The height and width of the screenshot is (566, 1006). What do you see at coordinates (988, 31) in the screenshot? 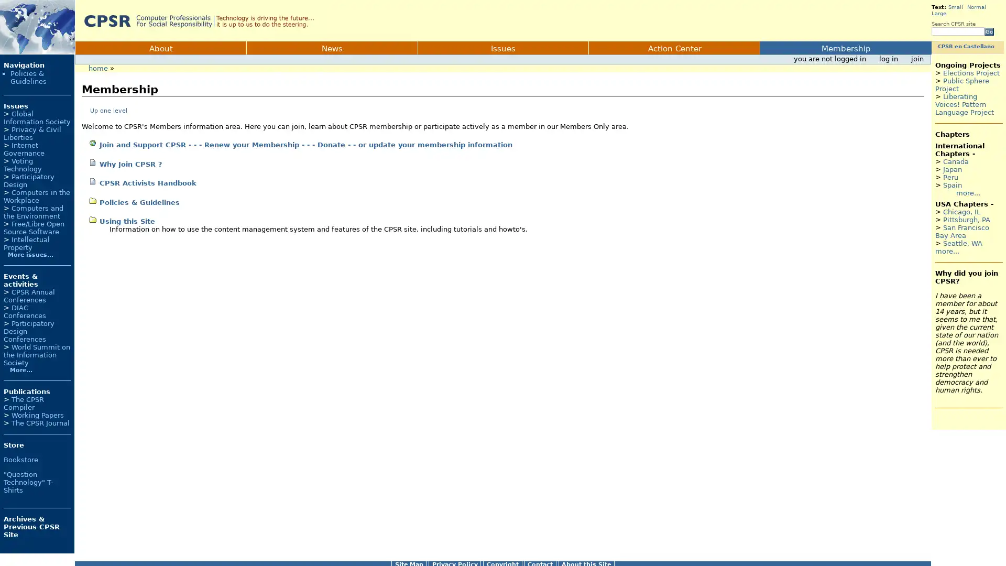
I see `Go` at bounding box center [988, 31].